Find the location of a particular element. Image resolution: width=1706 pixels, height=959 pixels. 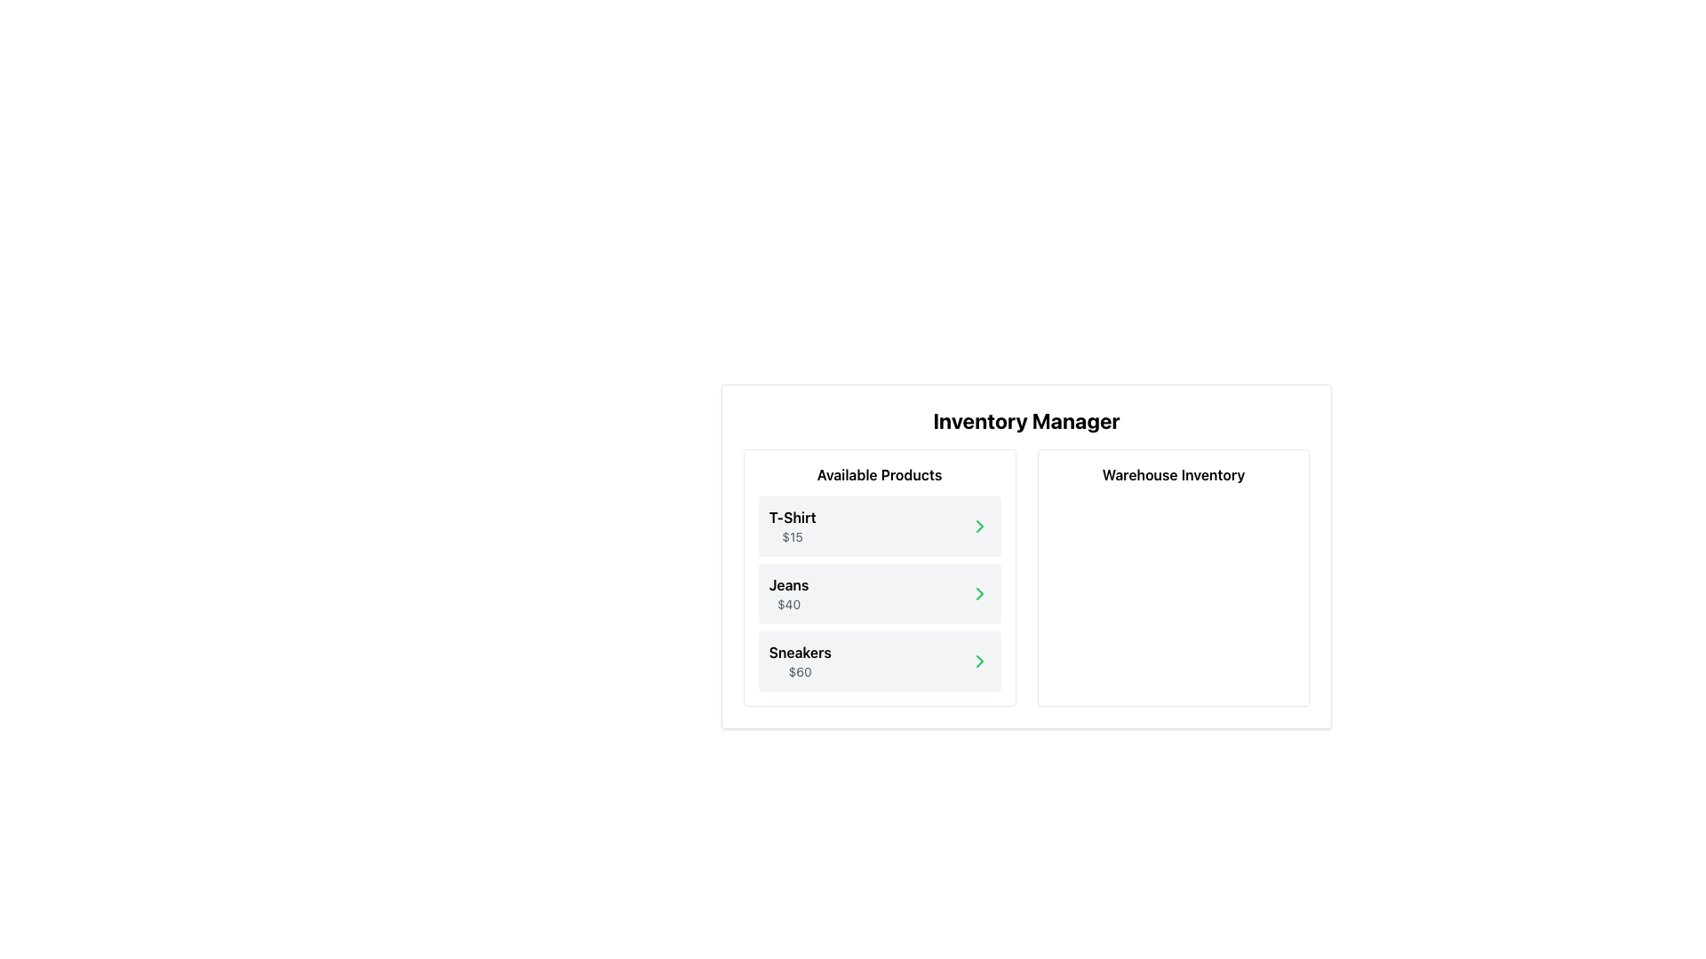

the button associated with the 'Jeans' product entry is located at coordinates (978, 593).